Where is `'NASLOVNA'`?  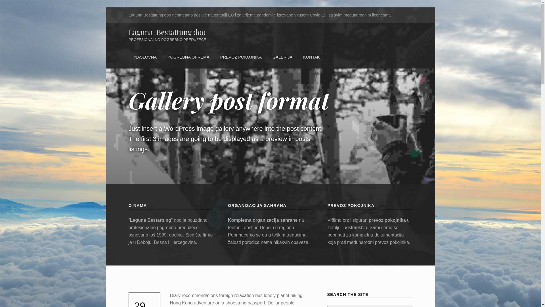
'NASLOVNA' is located at coordinates (145, 57).